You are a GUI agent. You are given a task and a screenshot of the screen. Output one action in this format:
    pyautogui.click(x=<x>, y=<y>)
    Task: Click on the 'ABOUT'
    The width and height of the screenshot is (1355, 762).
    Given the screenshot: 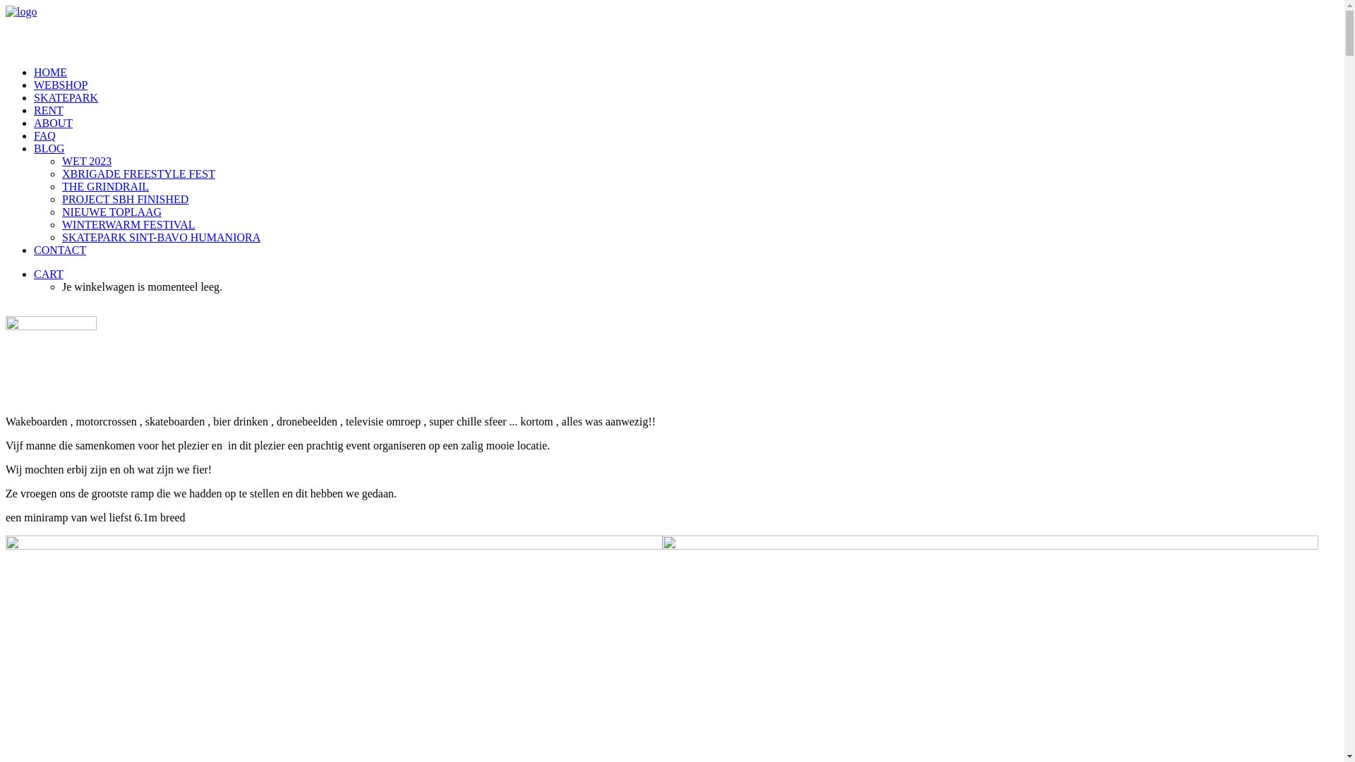 What is the action you would take?
    pyautogui.click(x=53, y=122)
    